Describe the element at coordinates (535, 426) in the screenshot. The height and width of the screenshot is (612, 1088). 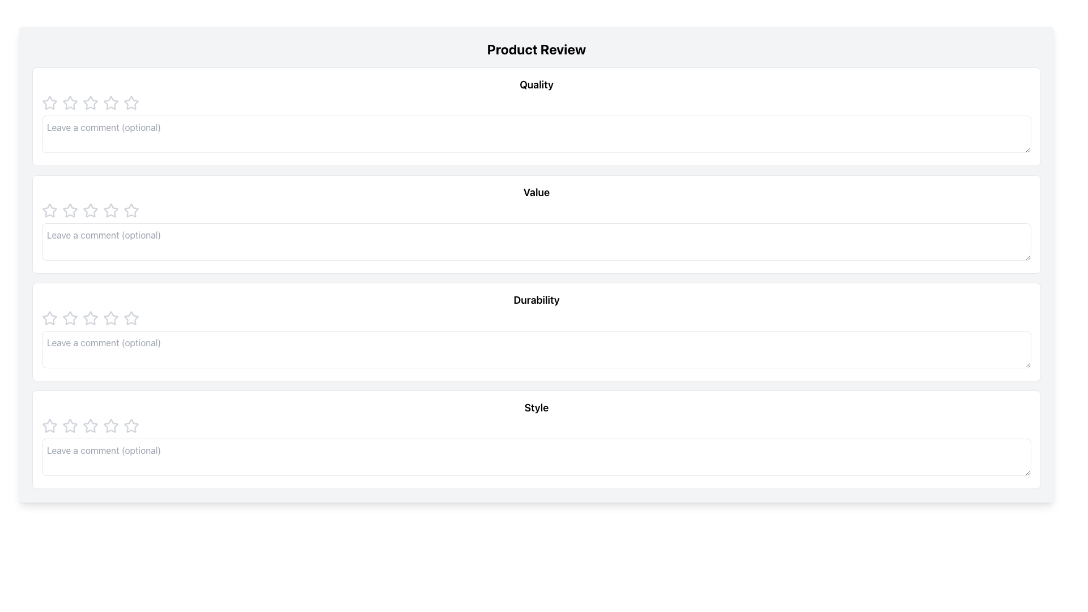
I see `the individual stars in the Rating control located in the 'Style' section of the review form to provide a rating` at that location.